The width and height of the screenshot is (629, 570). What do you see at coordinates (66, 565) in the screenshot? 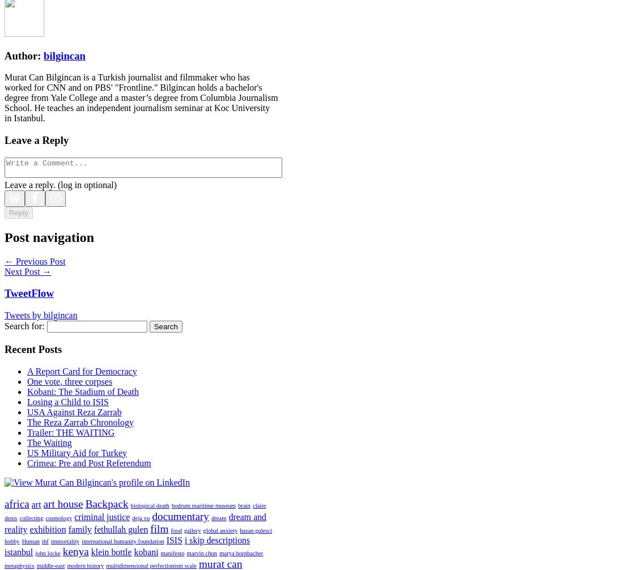
I see `'modern history'` at bounding box center [66, 565].